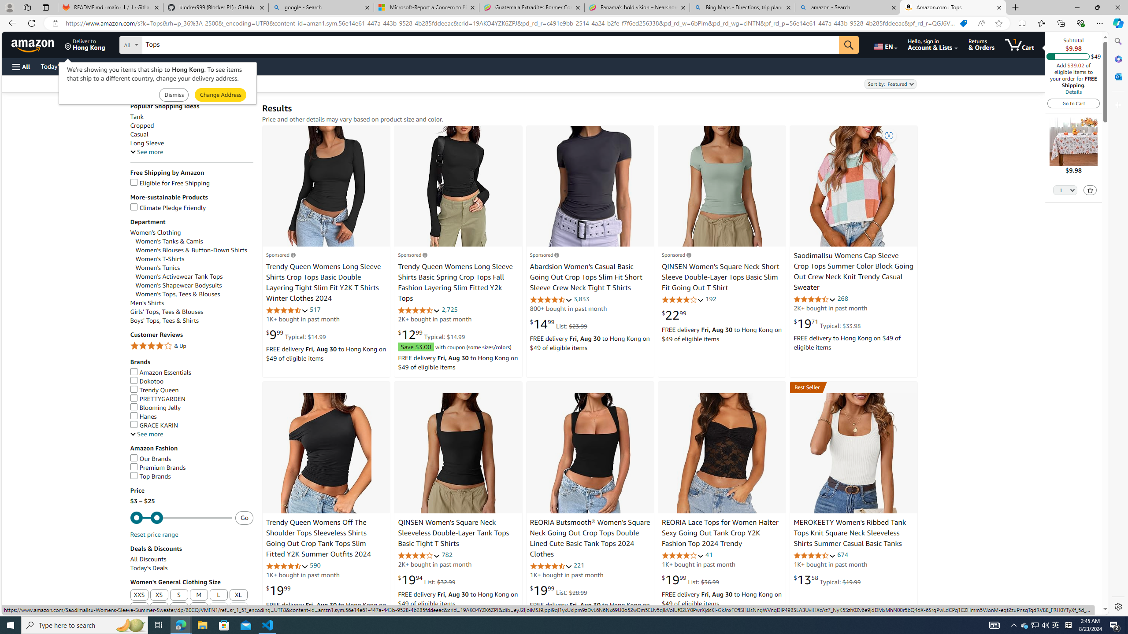  I want to click on 'Women', so click(194, 276).